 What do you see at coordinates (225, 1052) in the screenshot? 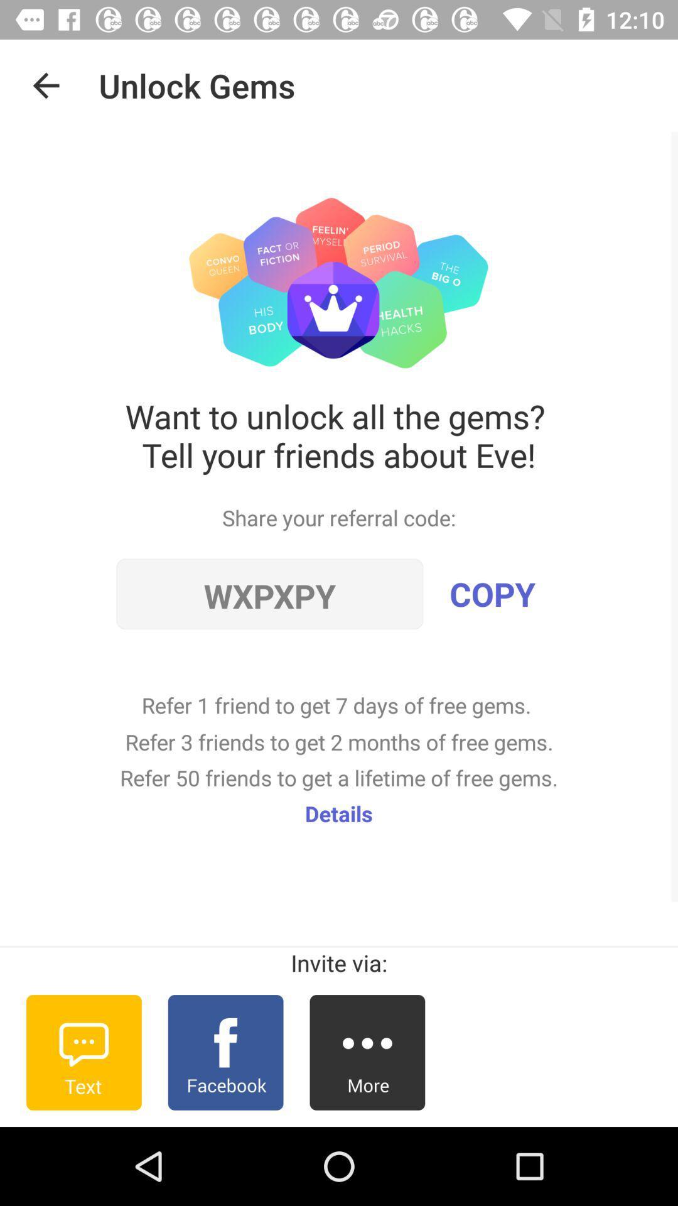
I see `invite via facebook` at bounding box center [225, 1052].